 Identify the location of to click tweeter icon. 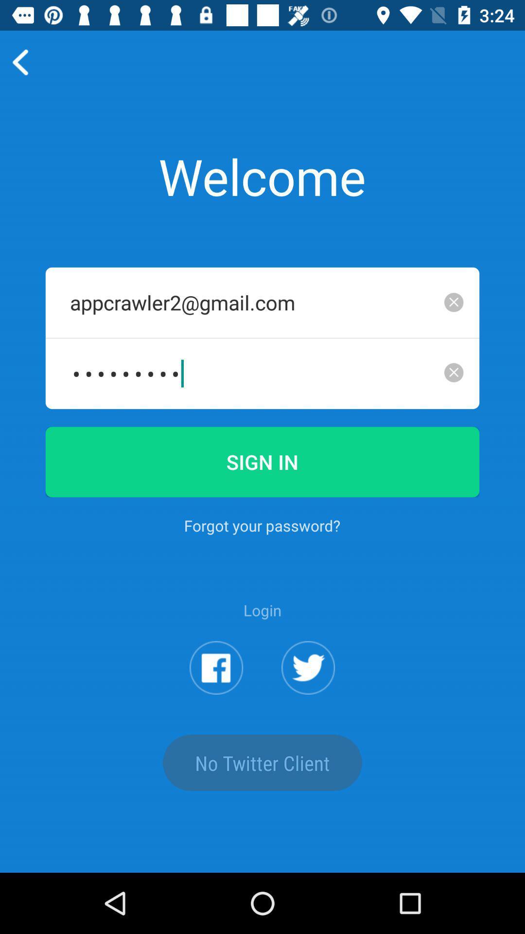
(308, 667).